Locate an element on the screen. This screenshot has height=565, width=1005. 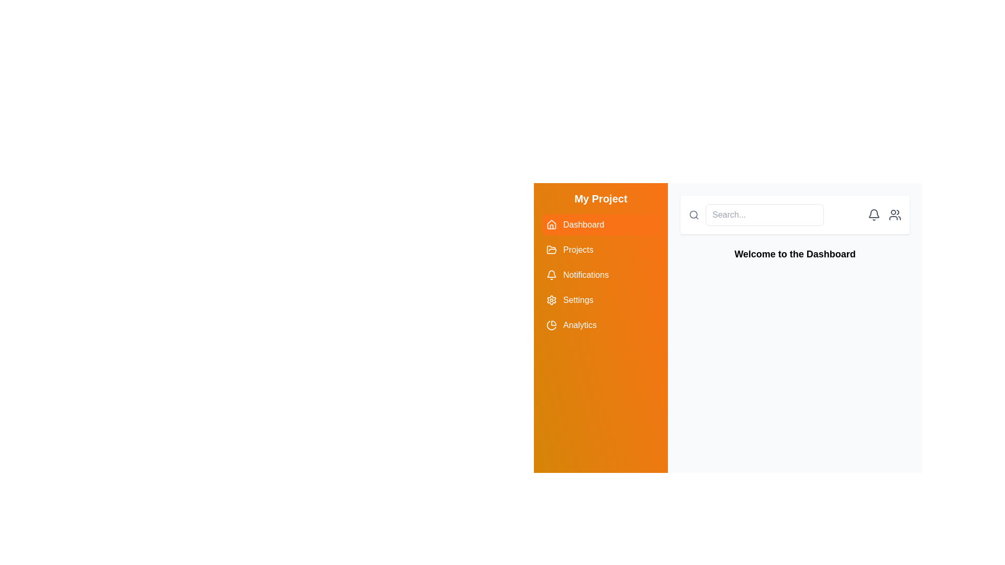
the cogwheel icon in the vertical navigation menu is located at coordinates (551, 300).